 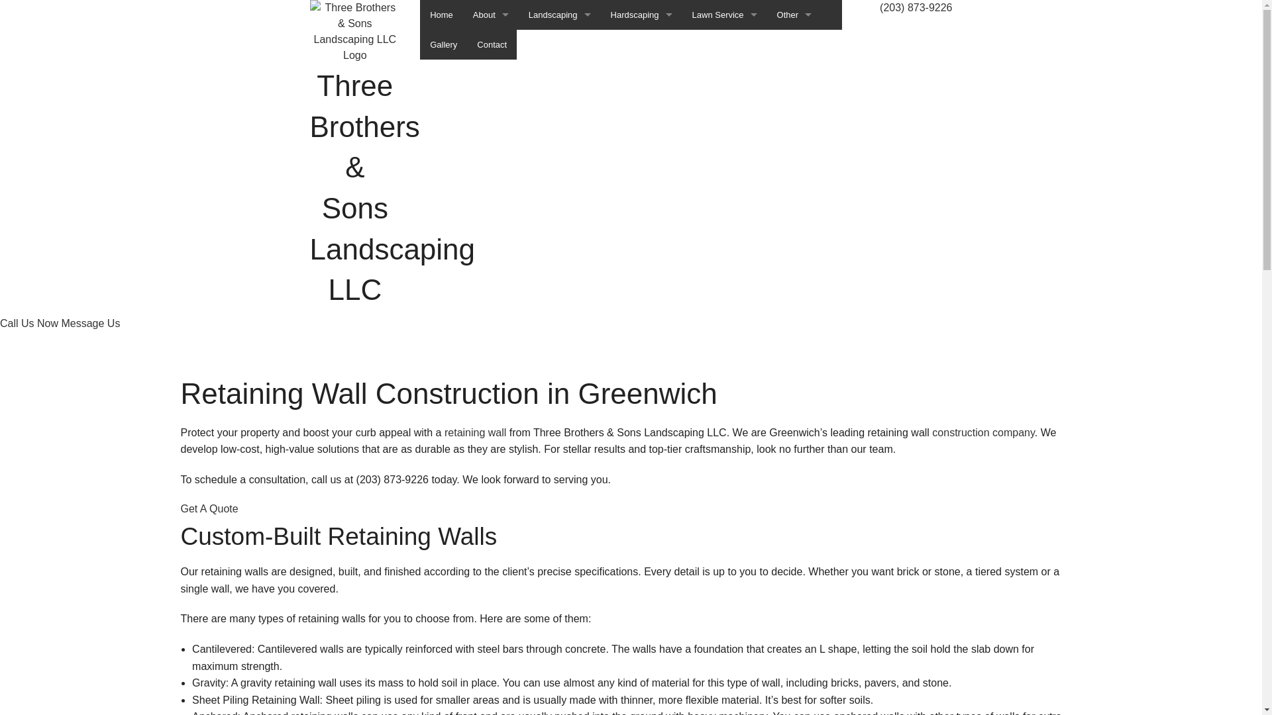 I want to click on 'construction company', so click(x=931, y=432).